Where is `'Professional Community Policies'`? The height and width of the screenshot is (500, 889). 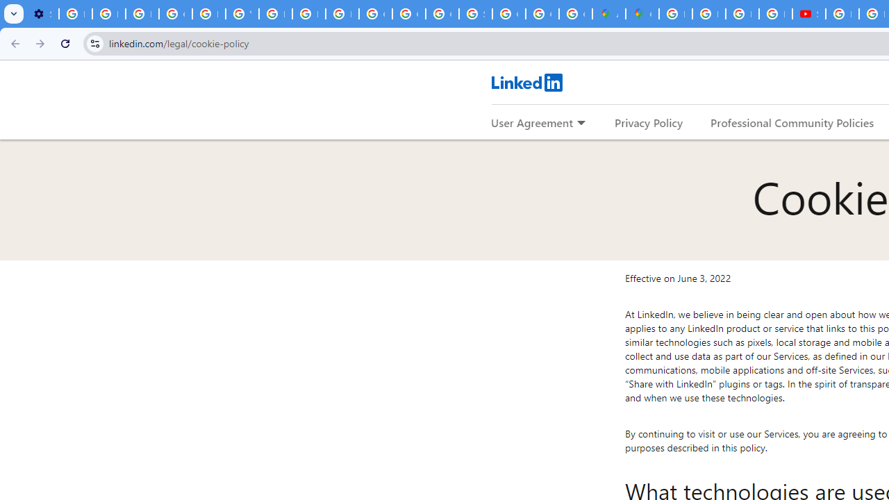 'Professional Community Policies' is located at coordinates (792, 122).